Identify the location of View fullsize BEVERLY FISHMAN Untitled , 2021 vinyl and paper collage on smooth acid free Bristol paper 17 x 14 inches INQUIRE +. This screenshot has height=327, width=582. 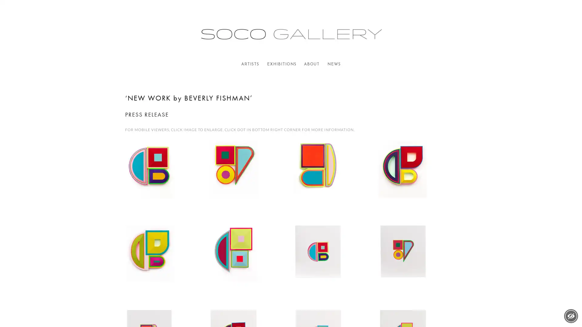
(333, 264).